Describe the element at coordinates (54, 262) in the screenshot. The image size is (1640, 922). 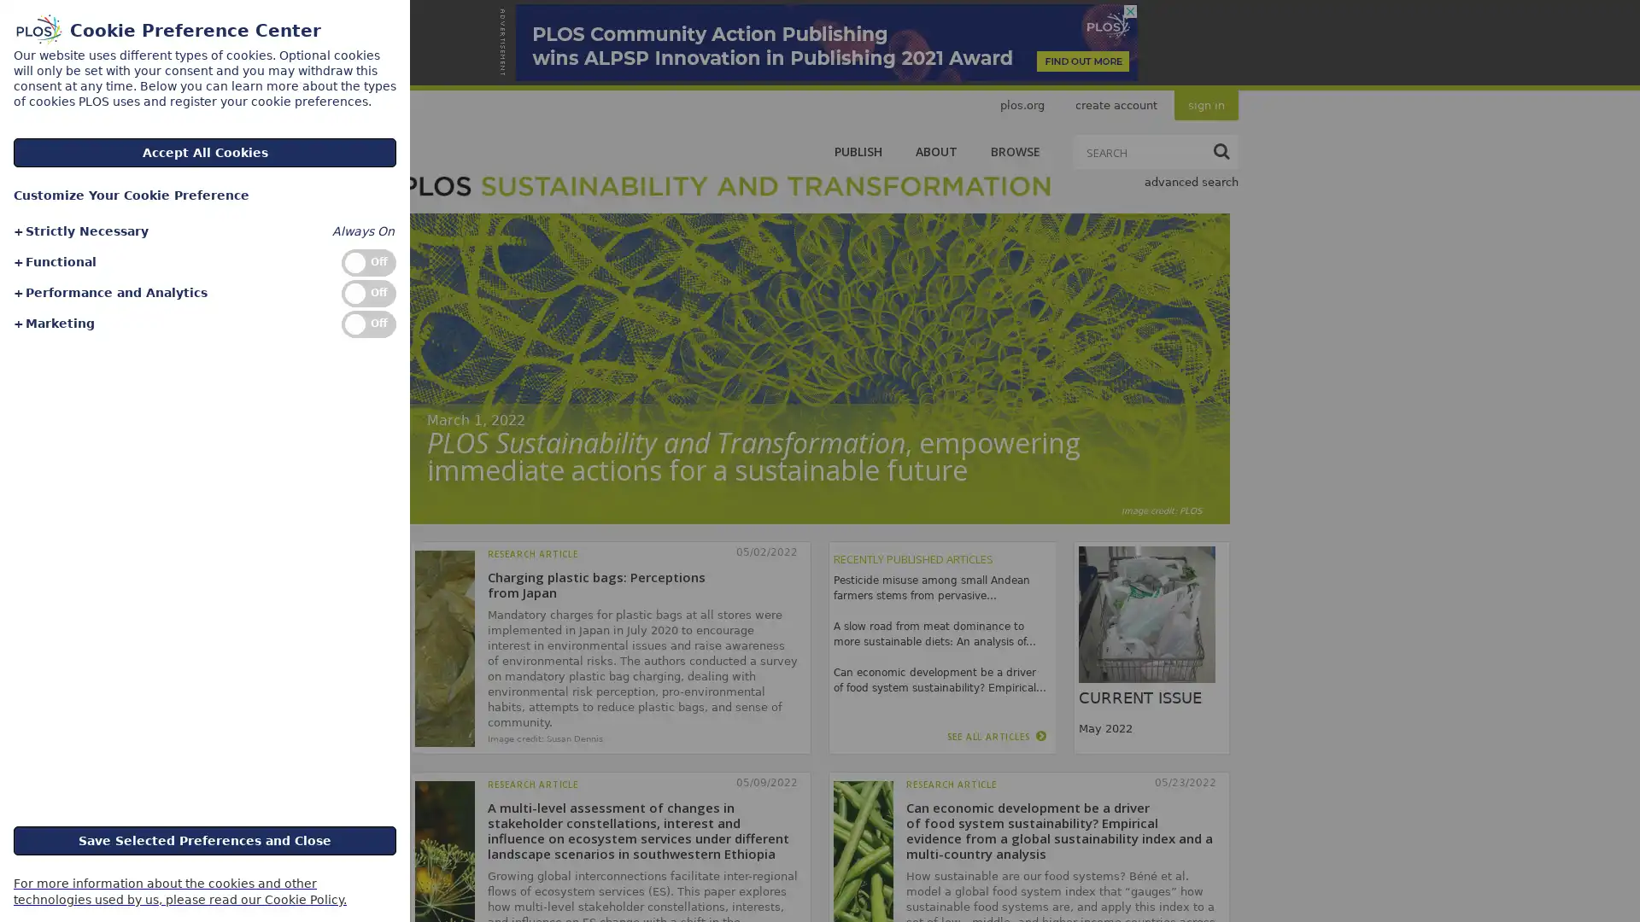
I see `Toggle explanation of Functional Cookies.` at that location.